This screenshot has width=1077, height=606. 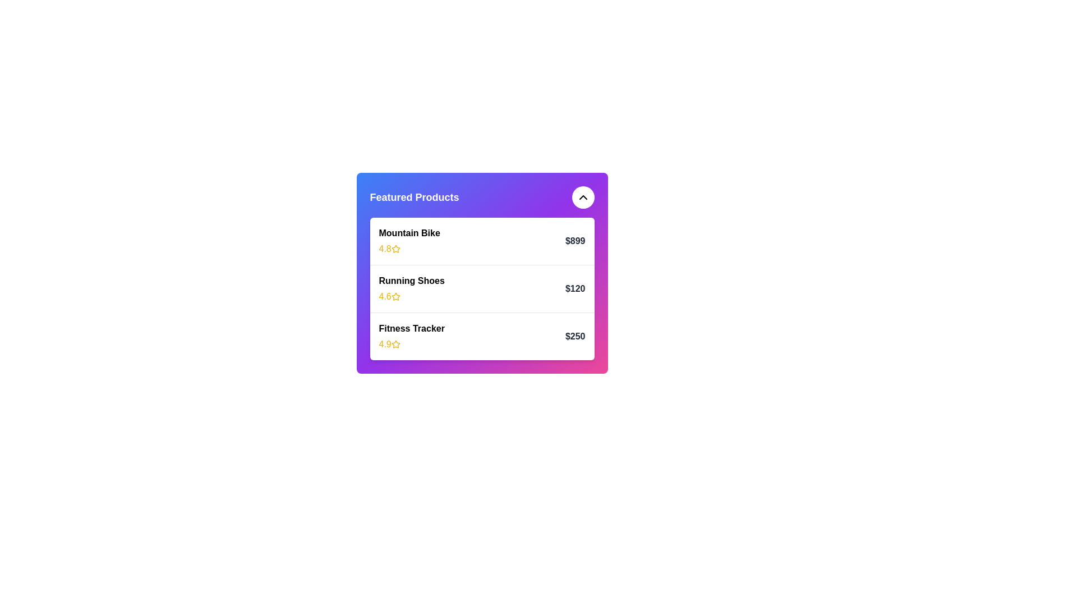 What do you see at coordinates (411, 296) in the screenshot?
I see `the numerical rating '4.6' displayed in yellow font, accompanied by a star icon, located in the 'Running Shoes' section just below the label 'Running Shoes'` at bounding box center [411, 296].